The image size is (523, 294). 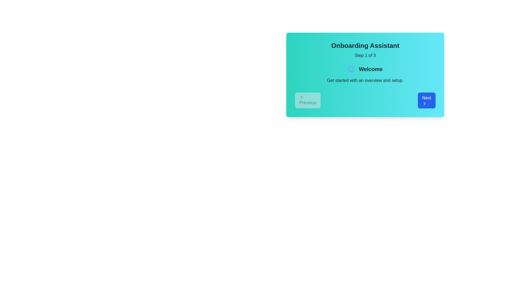 I want to click on the small right-facing arrow icon located at the center of the blue 'Next' button in the bottom-right corner of the 'Onboarding Assistant' card, so click(x=424, y=104).